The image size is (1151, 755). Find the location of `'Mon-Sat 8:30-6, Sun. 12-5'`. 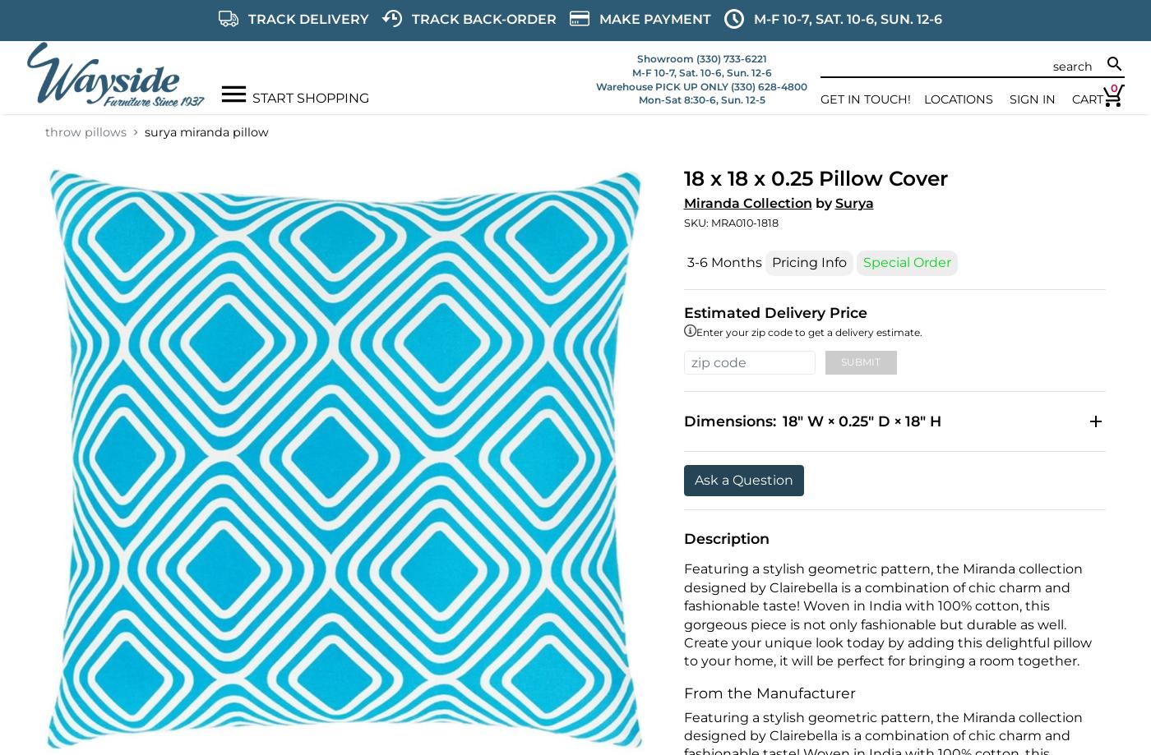

'Mon-Sat 8:30-6, Sun. 12-5' is located at coordinates (701, 99).